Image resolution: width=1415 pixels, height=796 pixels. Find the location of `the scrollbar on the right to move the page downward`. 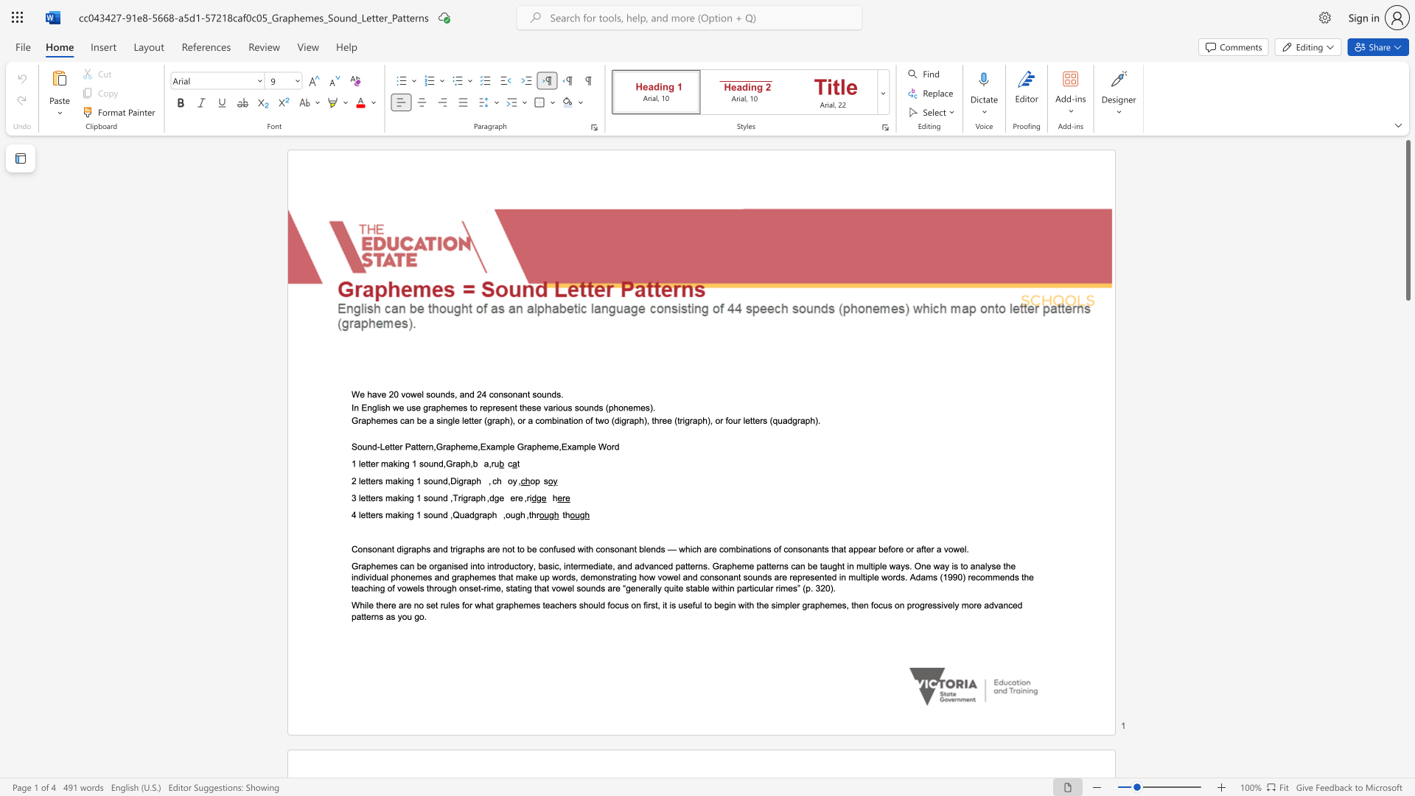

the scrollbar on the right to move the page downward is located at coordinates (1407, 398).